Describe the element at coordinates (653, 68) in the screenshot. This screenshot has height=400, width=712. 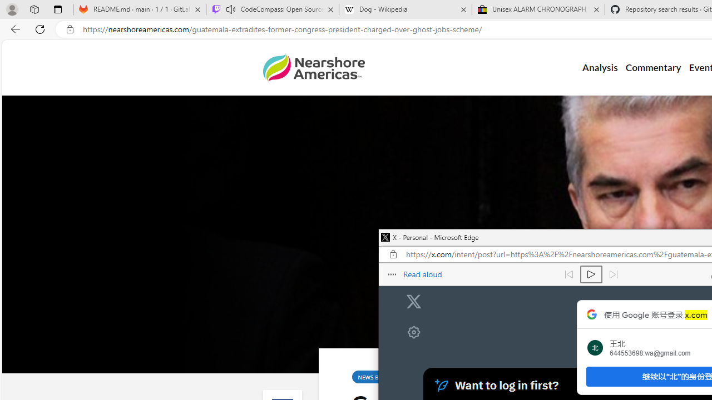
I see `'Commentary'` at that location.